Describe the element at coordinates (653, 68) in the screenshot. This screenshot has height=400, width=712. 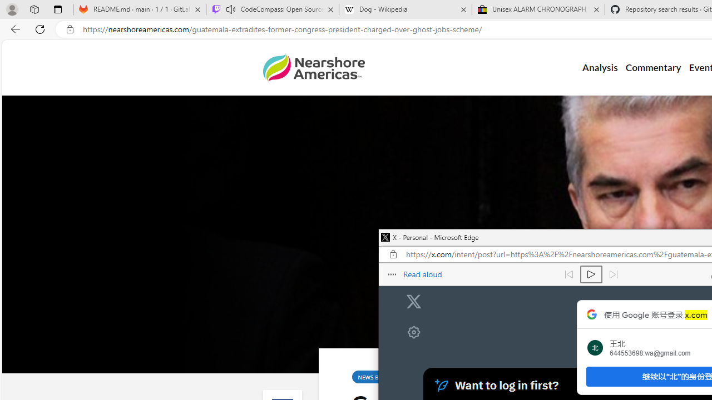
I see `'Commentary'` at that location.